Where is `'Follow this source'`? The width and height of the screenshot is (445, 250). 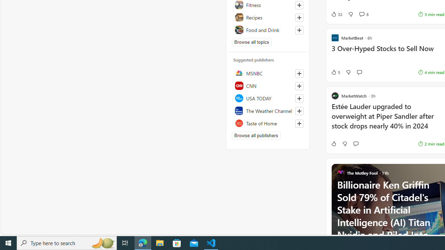
'Follow this source' is located at coordinates (299, 123).